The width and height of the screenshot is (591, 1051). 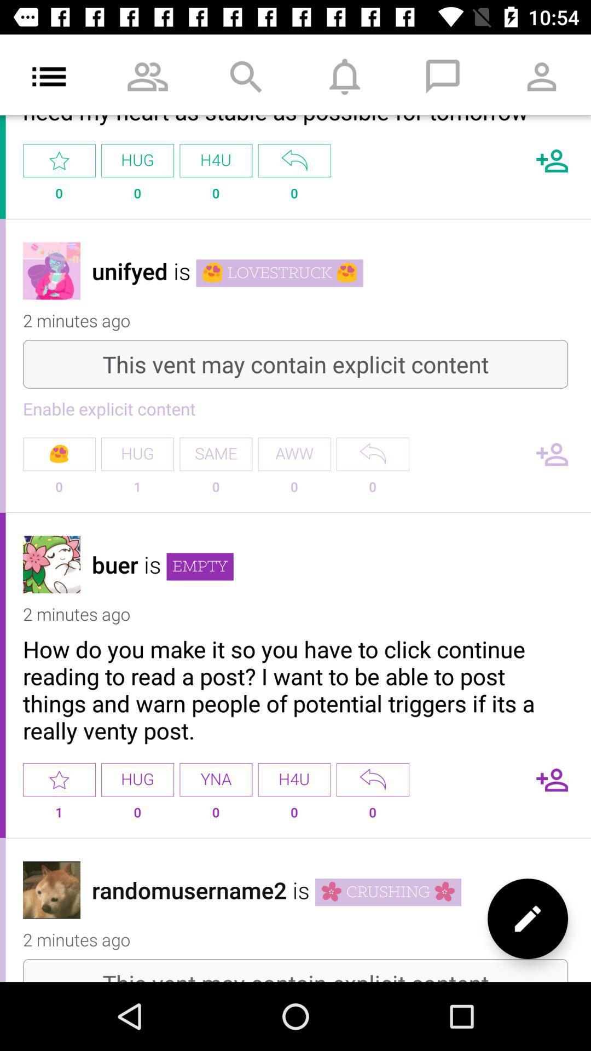 I want to click on profile photo, so click(x=51, y=564).